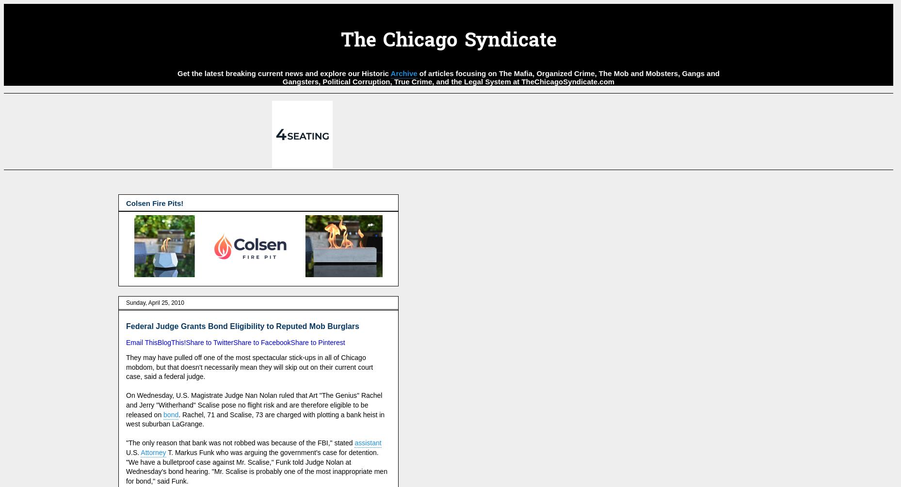  I want to click on 'Share to Twitter', so click(209, 343).